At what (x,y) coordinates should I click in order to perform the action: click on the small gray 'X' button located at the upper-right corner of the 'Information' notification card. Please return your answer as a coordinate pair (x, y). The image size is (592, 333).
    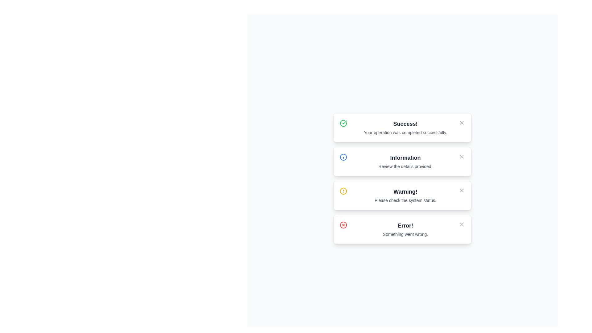
    Looking at the image, I should click on (462, 156).